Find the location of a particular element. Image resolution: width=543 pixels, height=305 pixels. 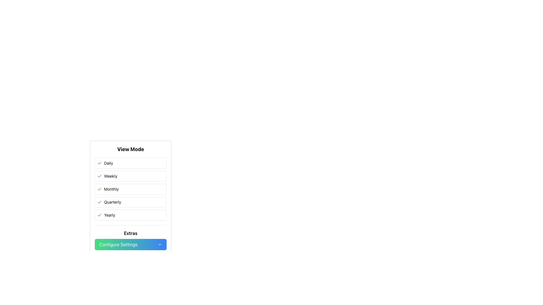

the text label that serves as a descriptor for the 'Daily' selection option, which is located to the right of the checkbox in the 'View Mode' section is located at coordinates (108, 163).